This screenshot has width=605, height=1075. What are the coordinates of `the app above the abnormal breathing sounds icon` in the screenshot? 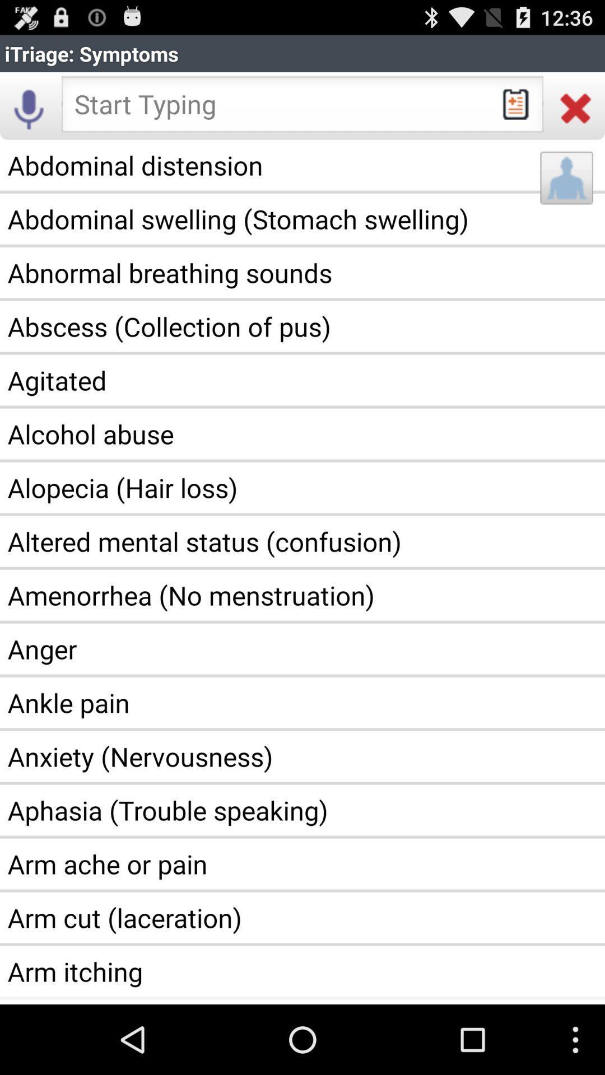 It's located at (566, 177).